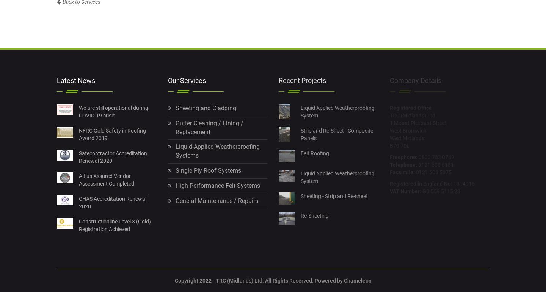 The height and width of the screenshot is (292, 546). What do you see at coordinates (463, 183) in the screenshot?
I see `'1314915'` at bounding box center [463, 183].